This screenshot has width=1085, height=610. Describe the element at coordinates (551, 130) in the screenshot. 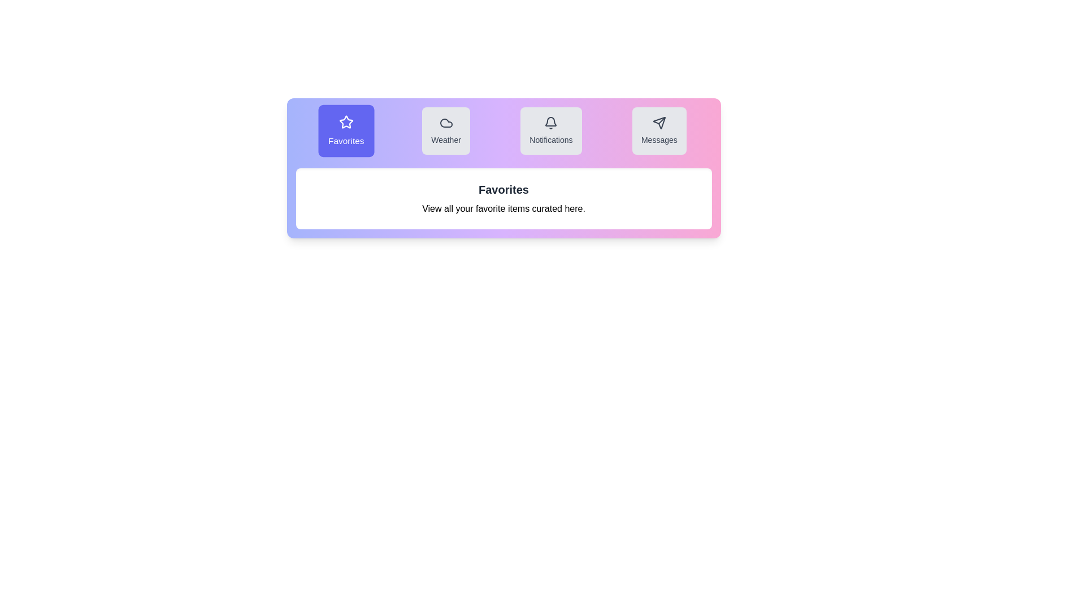

I see `the tab corresponding to Notifications to highlight it` at that location.